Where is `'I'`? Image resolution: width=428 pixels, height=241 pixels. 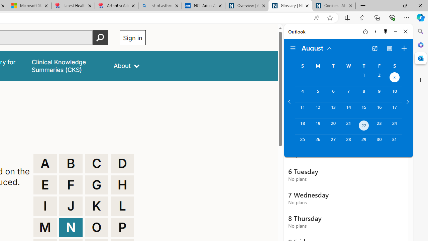
'I' is located at coordinates (45, 206).